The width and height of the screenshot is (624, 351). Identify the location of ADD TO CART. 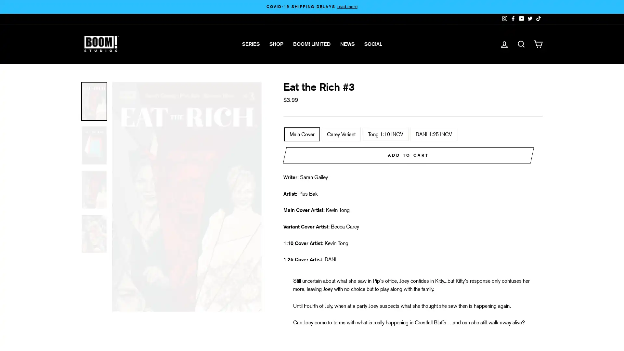
(408, 155).